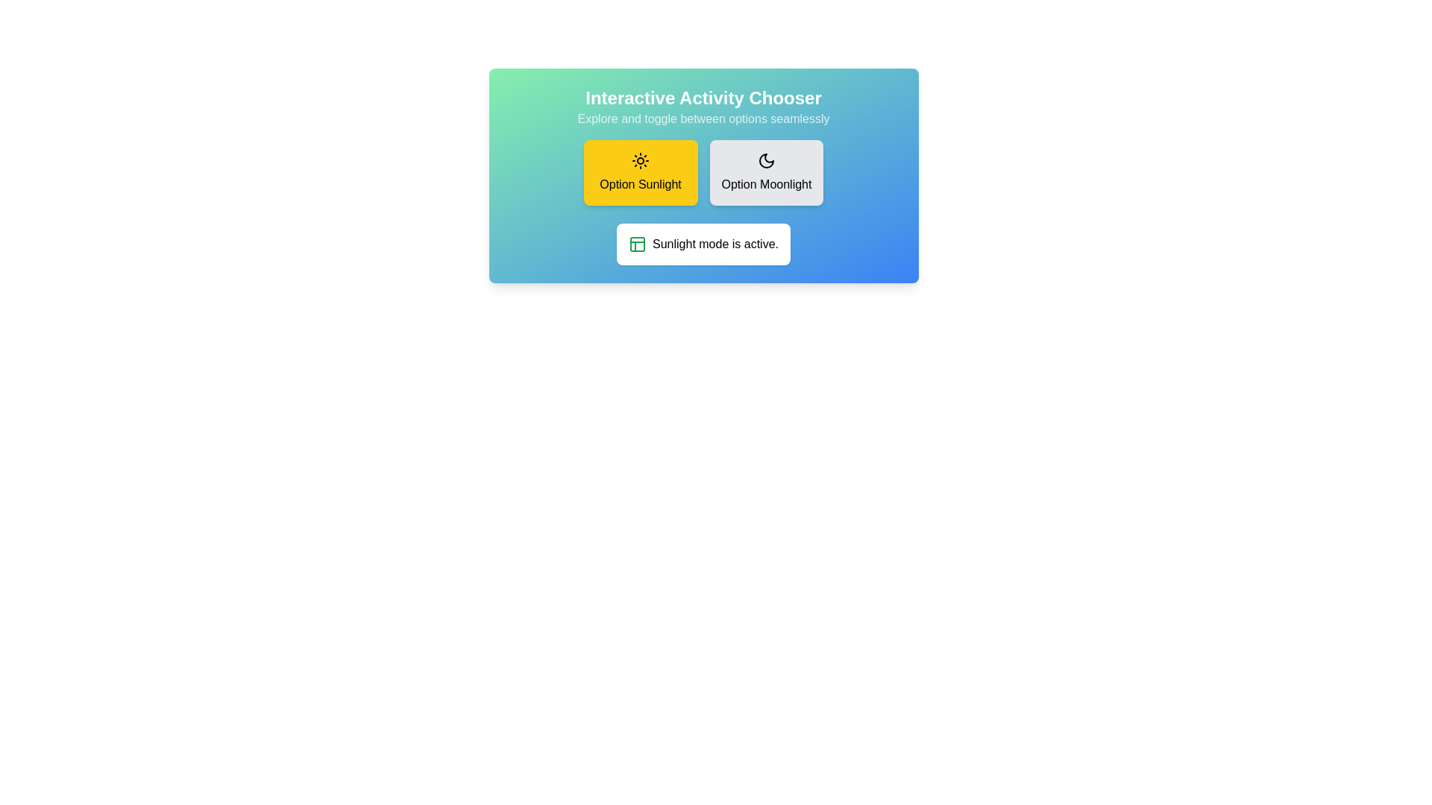  Describe the element at coordinates (641, 171) in the screenshot. I see `the 'Option Sunlight' button` at that location.